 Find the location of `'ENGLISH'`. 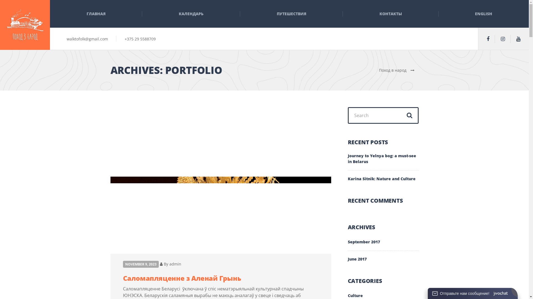

'ENGLISH' is located at coordinates (483, 14).